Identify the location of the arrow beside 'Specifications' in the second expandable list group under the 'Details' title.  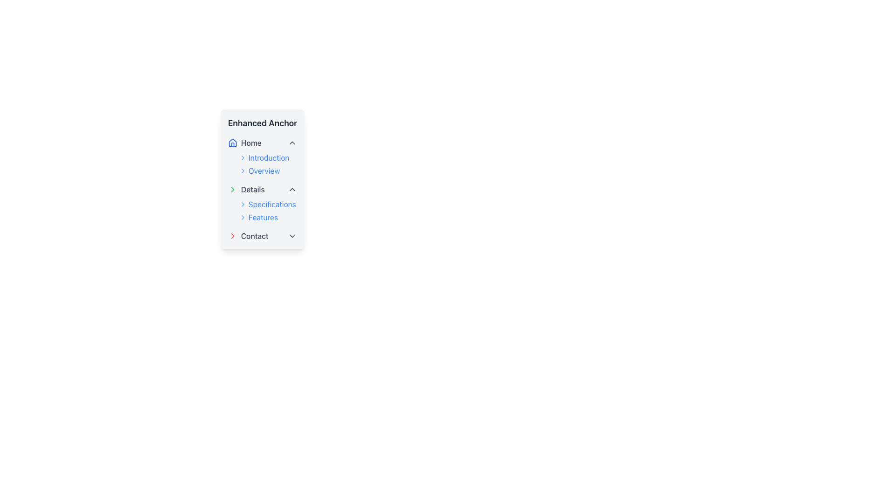
(268, 211).